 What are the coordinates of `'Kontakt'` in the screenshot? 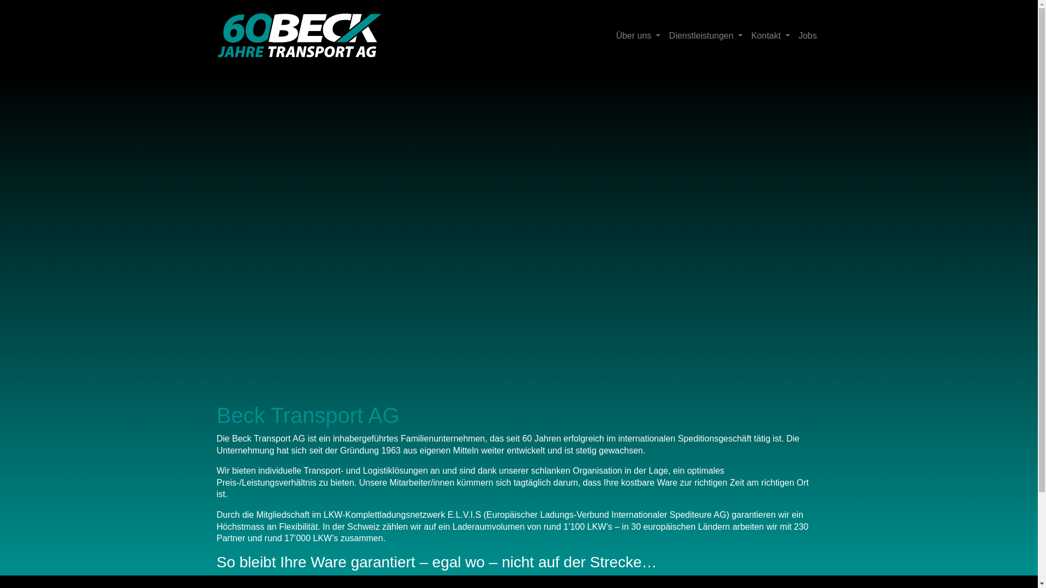 It's located at (770, 35).